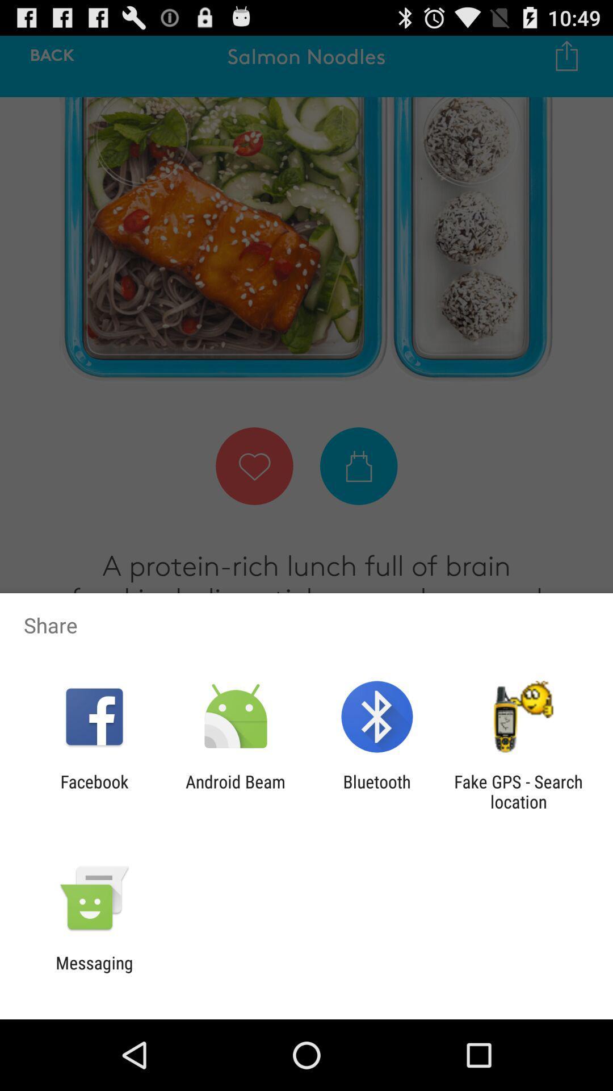 The width and height of the screenshot is (613, 1091). What do you see at coordinates (94, 791) in the screenshot?
I see `the icon to the left of android beam app` at bounding box center [94, 791].